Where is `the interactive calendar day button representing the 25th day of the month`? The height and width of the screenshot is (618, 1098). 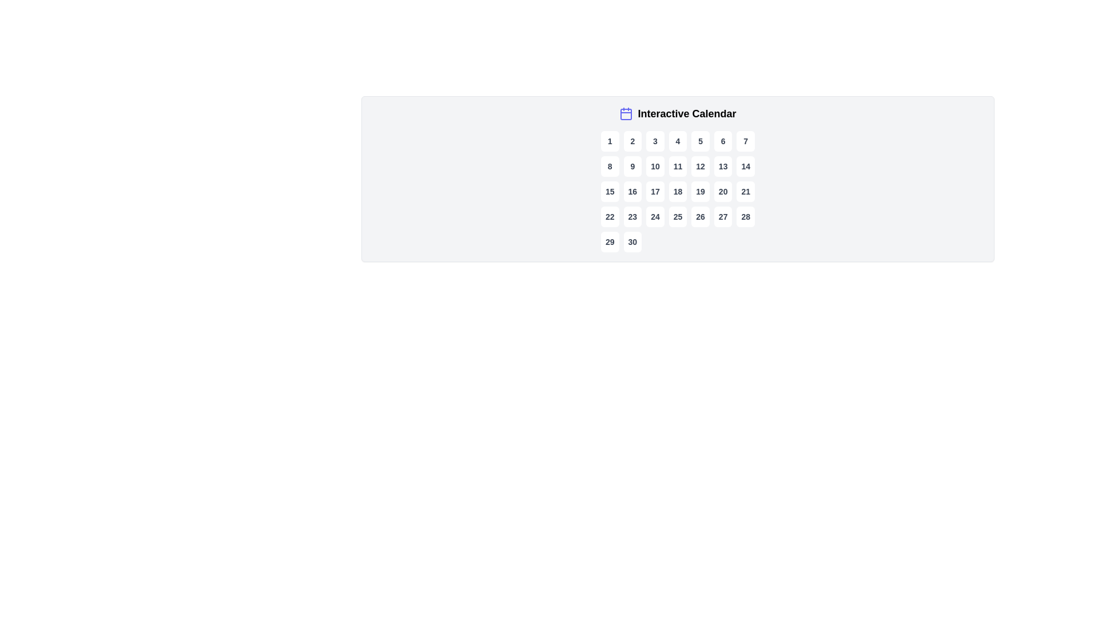
the interactive calendar day button representing the 25th day of the month is located at coordinates (678, 216).